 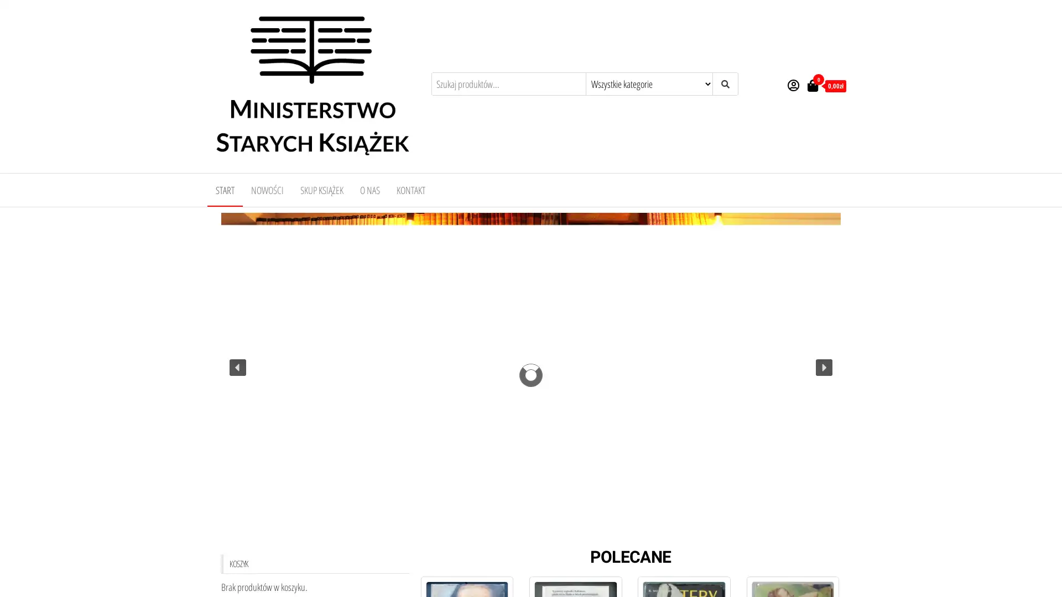 I want to click on previous arrow, so click(x=237, y=366).